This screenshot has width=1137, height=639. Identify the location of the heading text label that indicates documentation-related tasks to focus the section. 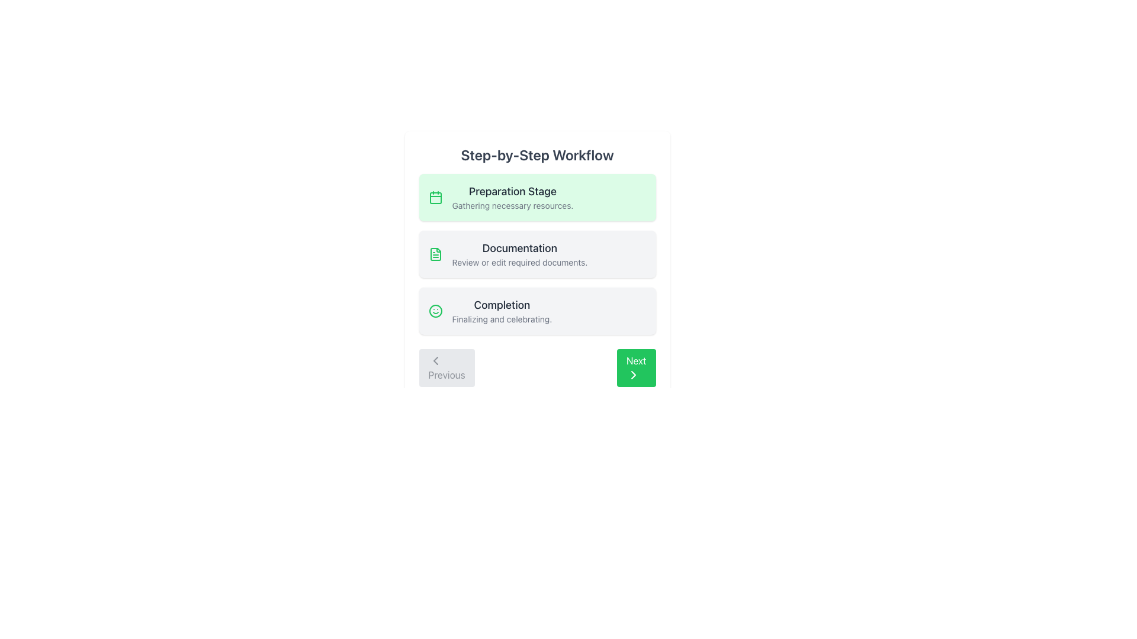
(519, 248).